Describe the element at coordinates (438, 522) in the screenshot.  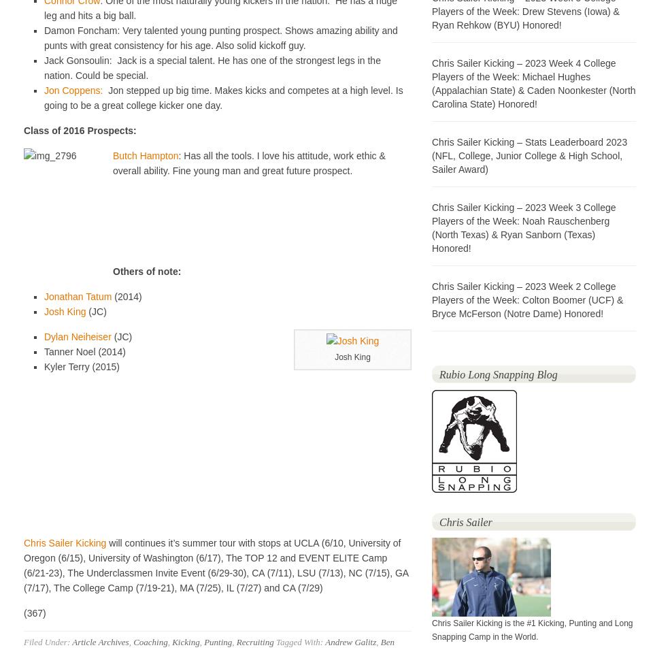
I see `'Chris Sailer'` at that location.